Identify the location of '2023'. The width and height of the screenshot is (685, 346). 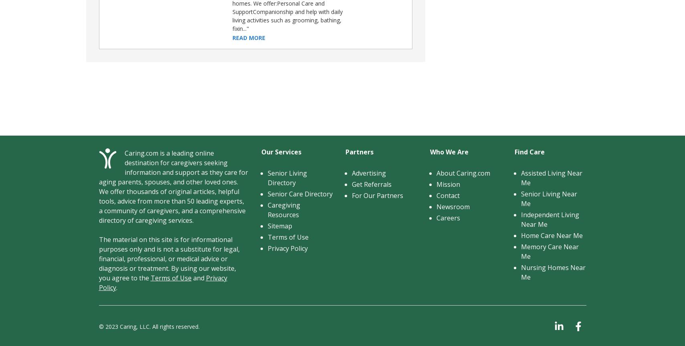
(111, 326).